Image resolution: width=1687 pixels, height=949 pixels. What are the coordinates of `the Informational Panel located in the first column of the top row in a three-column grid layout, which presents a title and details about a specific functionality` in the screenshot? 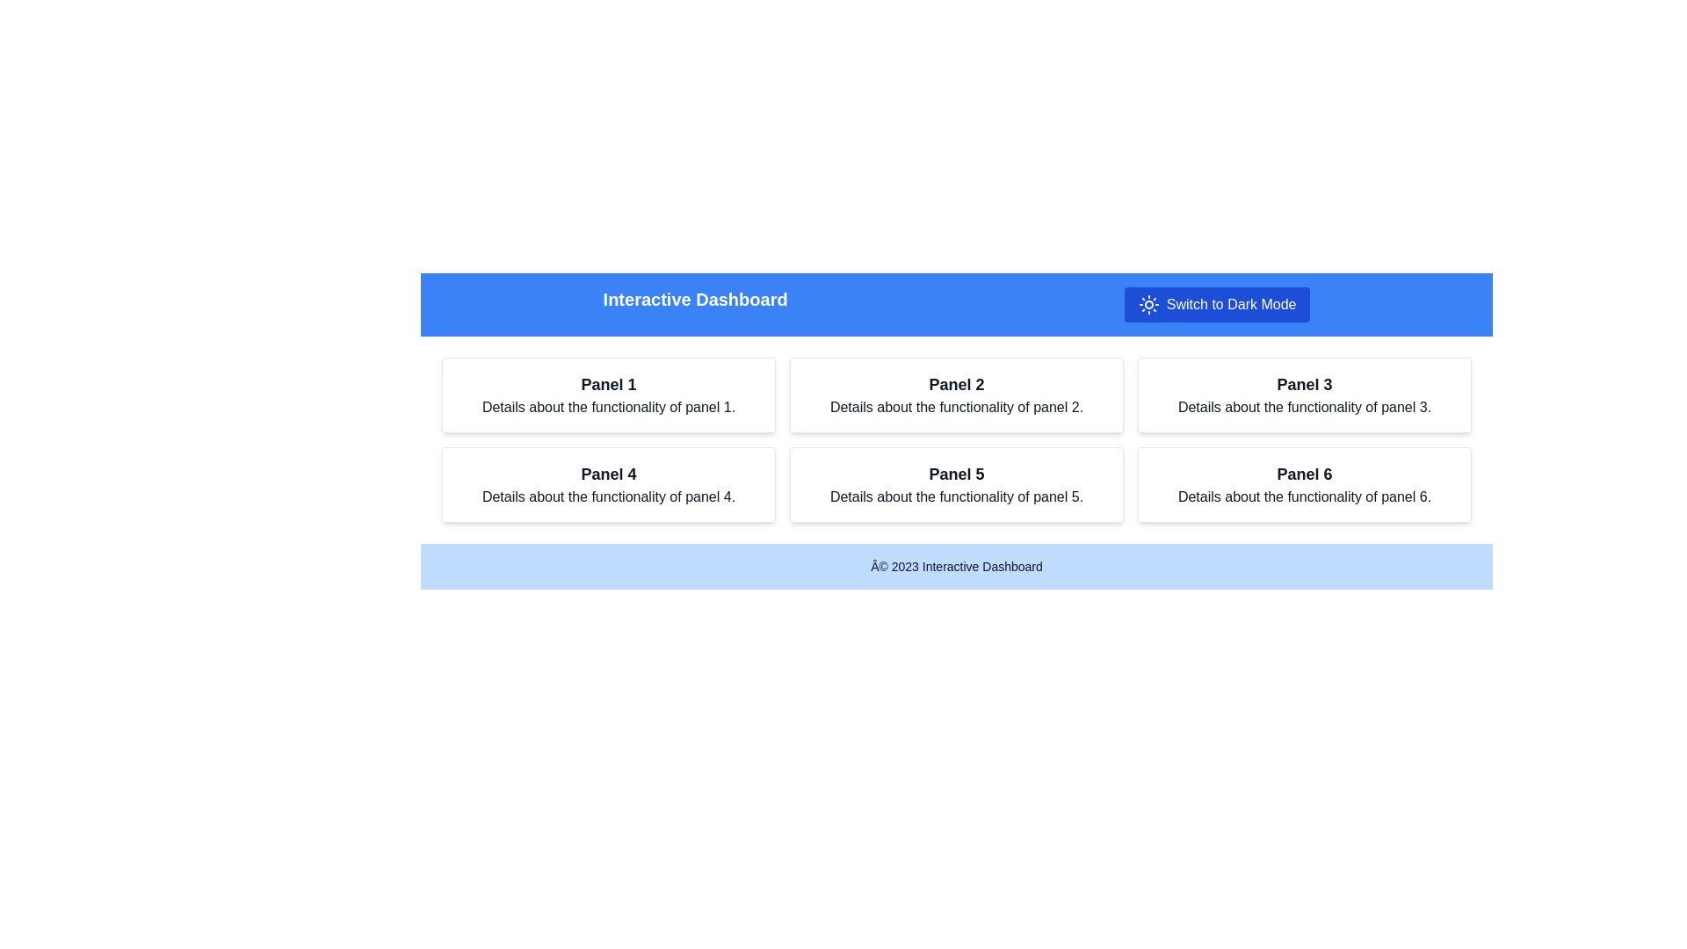 It's located at (608, 395).